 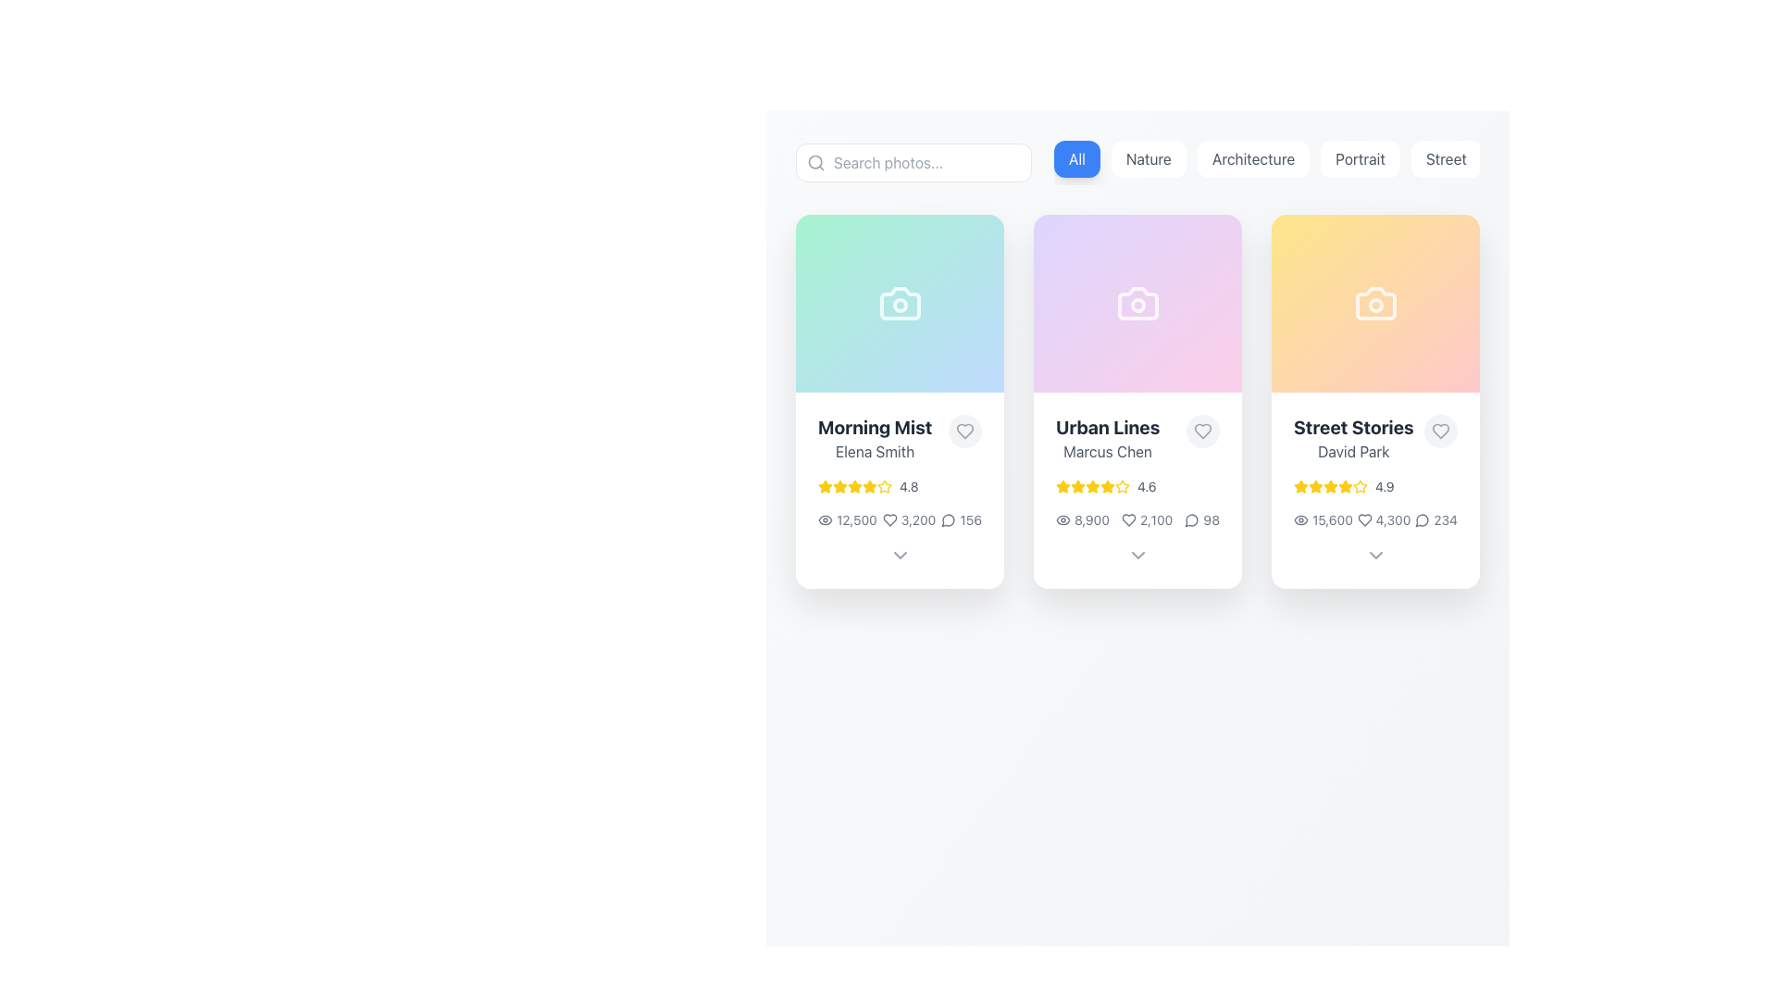 What do you see at coordinates (900, 489) in the screenshot?
I see `the star rating value of 4.8 displayed in the rectangular card titled 'Morning Mist', which is the leftmost card among three similar cards` at bounding box center [900, 489].